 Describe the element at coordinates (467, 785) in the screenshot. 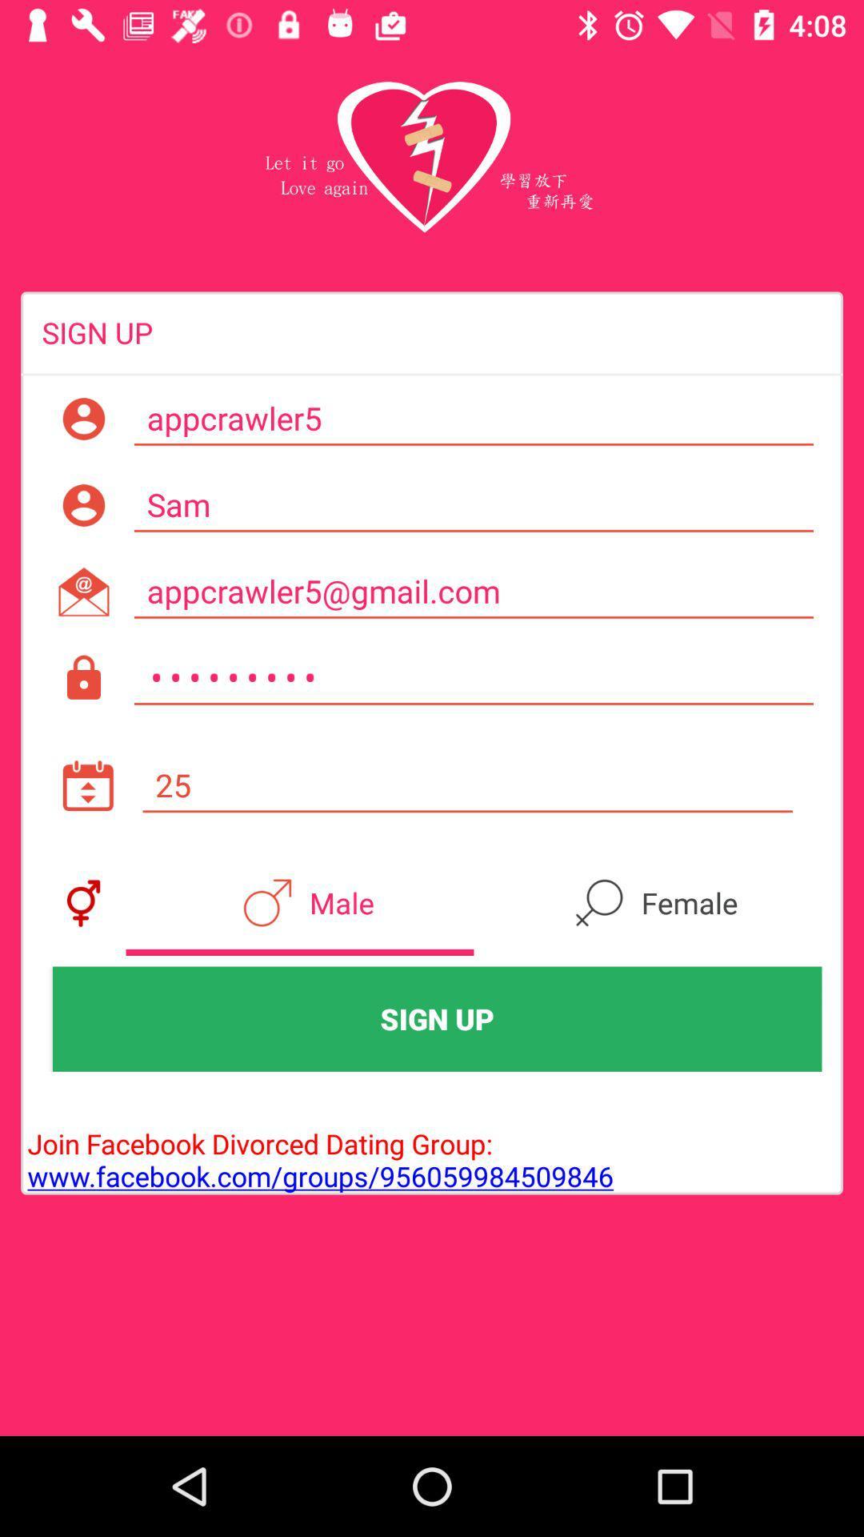

I see `the icon below the crowd3116 item` at that location.